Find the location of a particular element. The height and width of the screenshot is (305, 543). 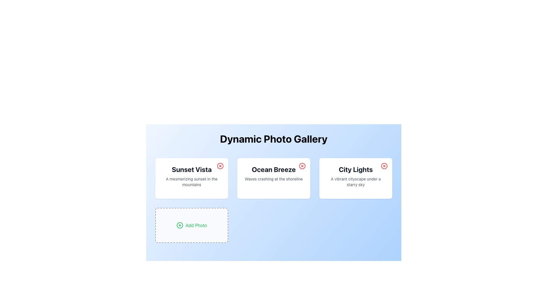

the text block element titled 'Sunset Vista', which contains a subtitle 'A mesmerizing sunset in the mountains', located in the first card among a horizontal arrangement of cards is located at coordinates (191, 176).